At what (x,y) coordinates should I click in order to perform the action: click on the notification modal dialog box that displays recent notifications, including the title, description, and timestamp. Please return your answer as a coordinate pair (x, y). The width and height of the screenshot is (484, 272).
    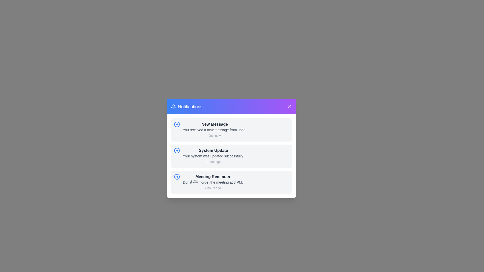
    Looking at the image, I should click on (231, 148).